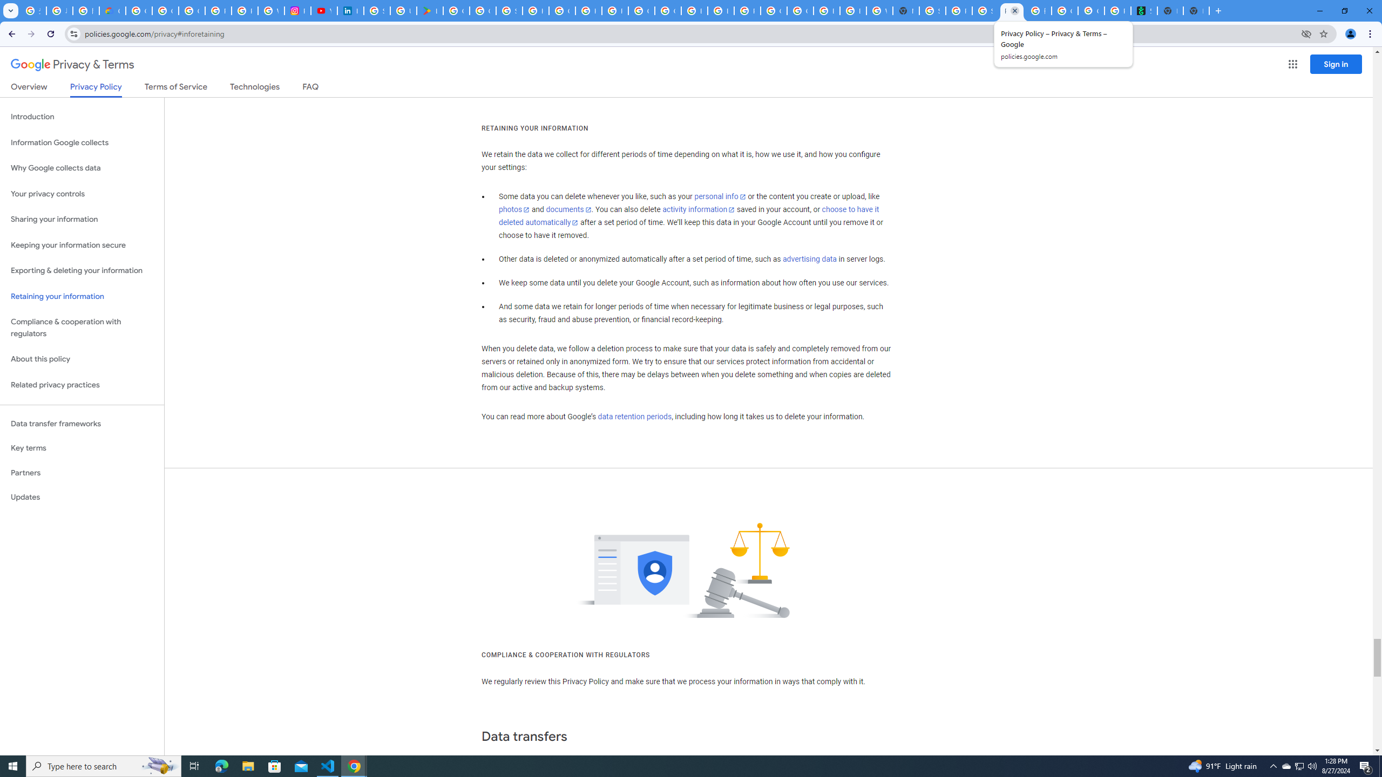  What do you see at coordinates (82, 424) in the screenshot?
I see `'Data transfer frameworks'` at bounding box center [82, 424].